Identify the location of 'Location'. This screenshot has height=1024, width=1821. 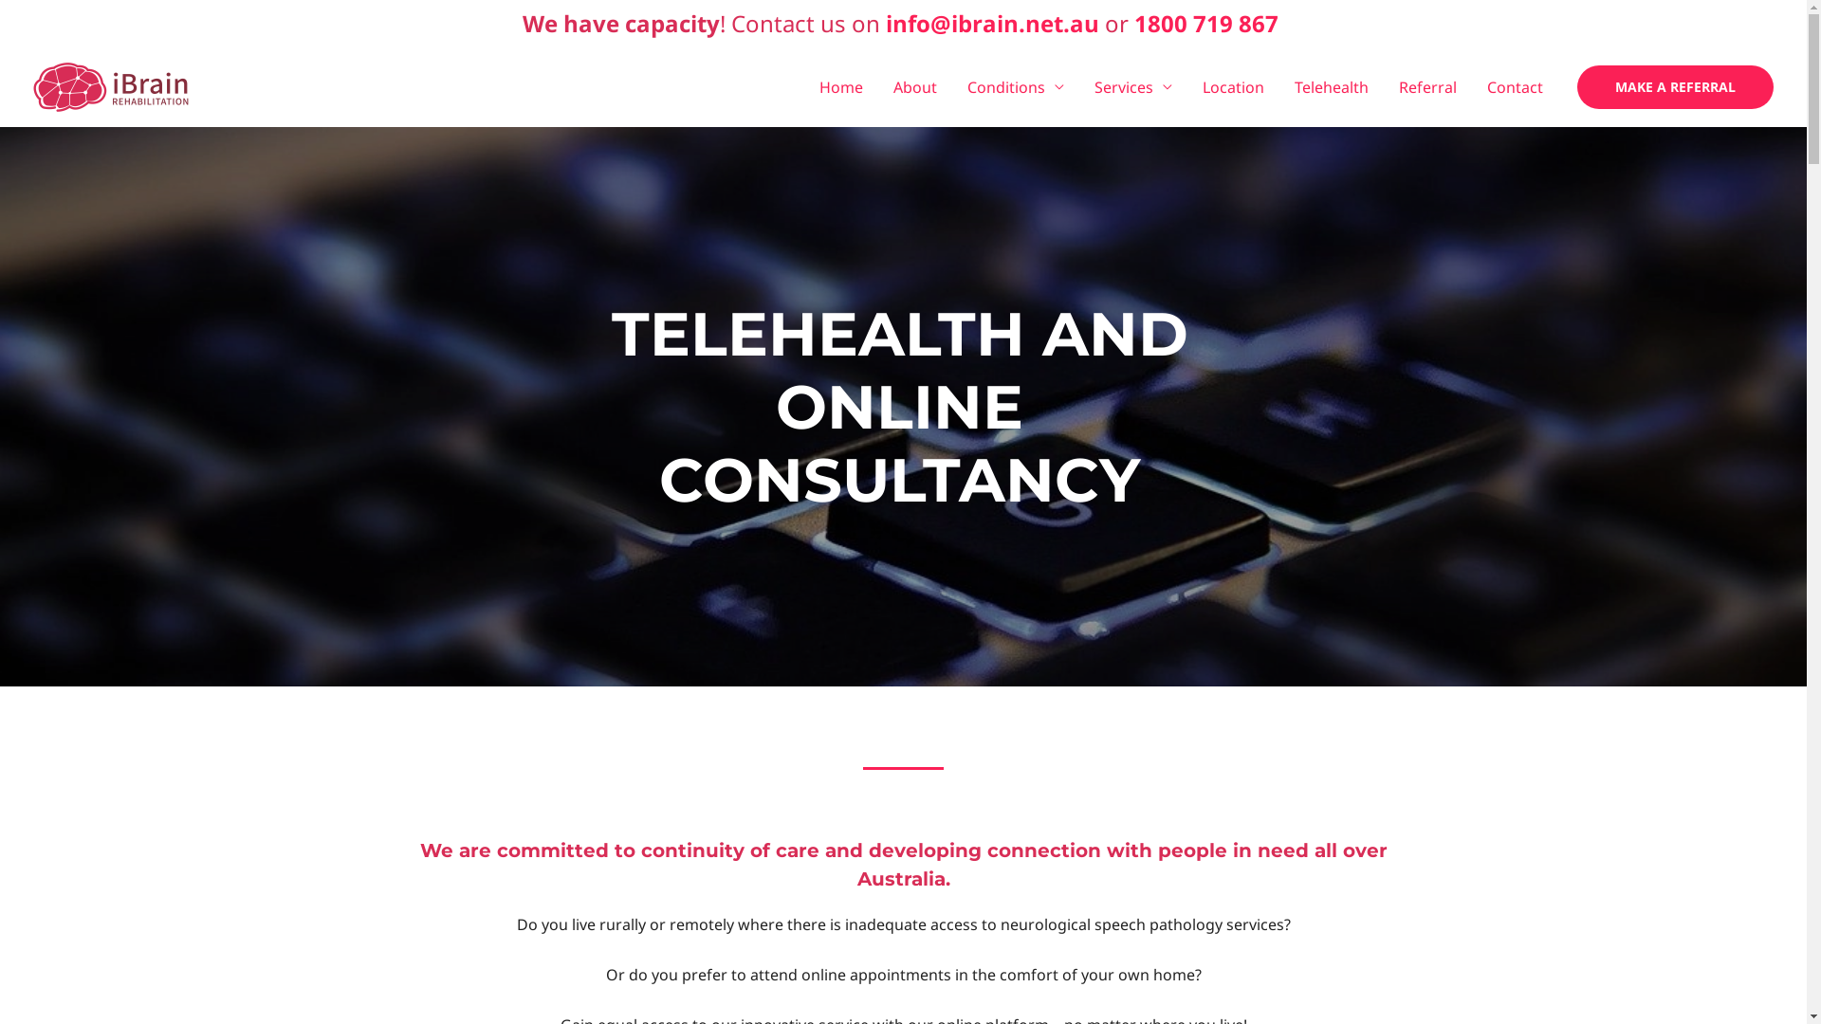
(1233, 87).